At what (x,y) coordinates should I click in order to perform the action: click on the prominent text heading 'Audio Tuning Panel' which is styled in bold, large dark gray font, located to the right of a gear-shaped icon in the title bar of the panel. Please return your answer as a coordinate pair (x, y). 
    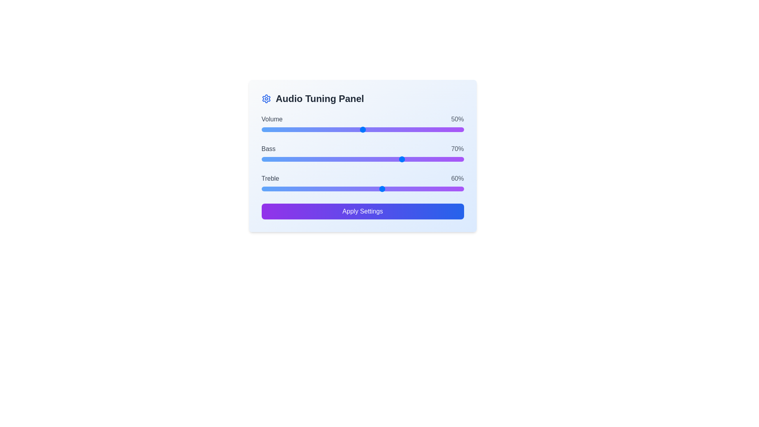
    Looking at the image, I should click on (320, 98).